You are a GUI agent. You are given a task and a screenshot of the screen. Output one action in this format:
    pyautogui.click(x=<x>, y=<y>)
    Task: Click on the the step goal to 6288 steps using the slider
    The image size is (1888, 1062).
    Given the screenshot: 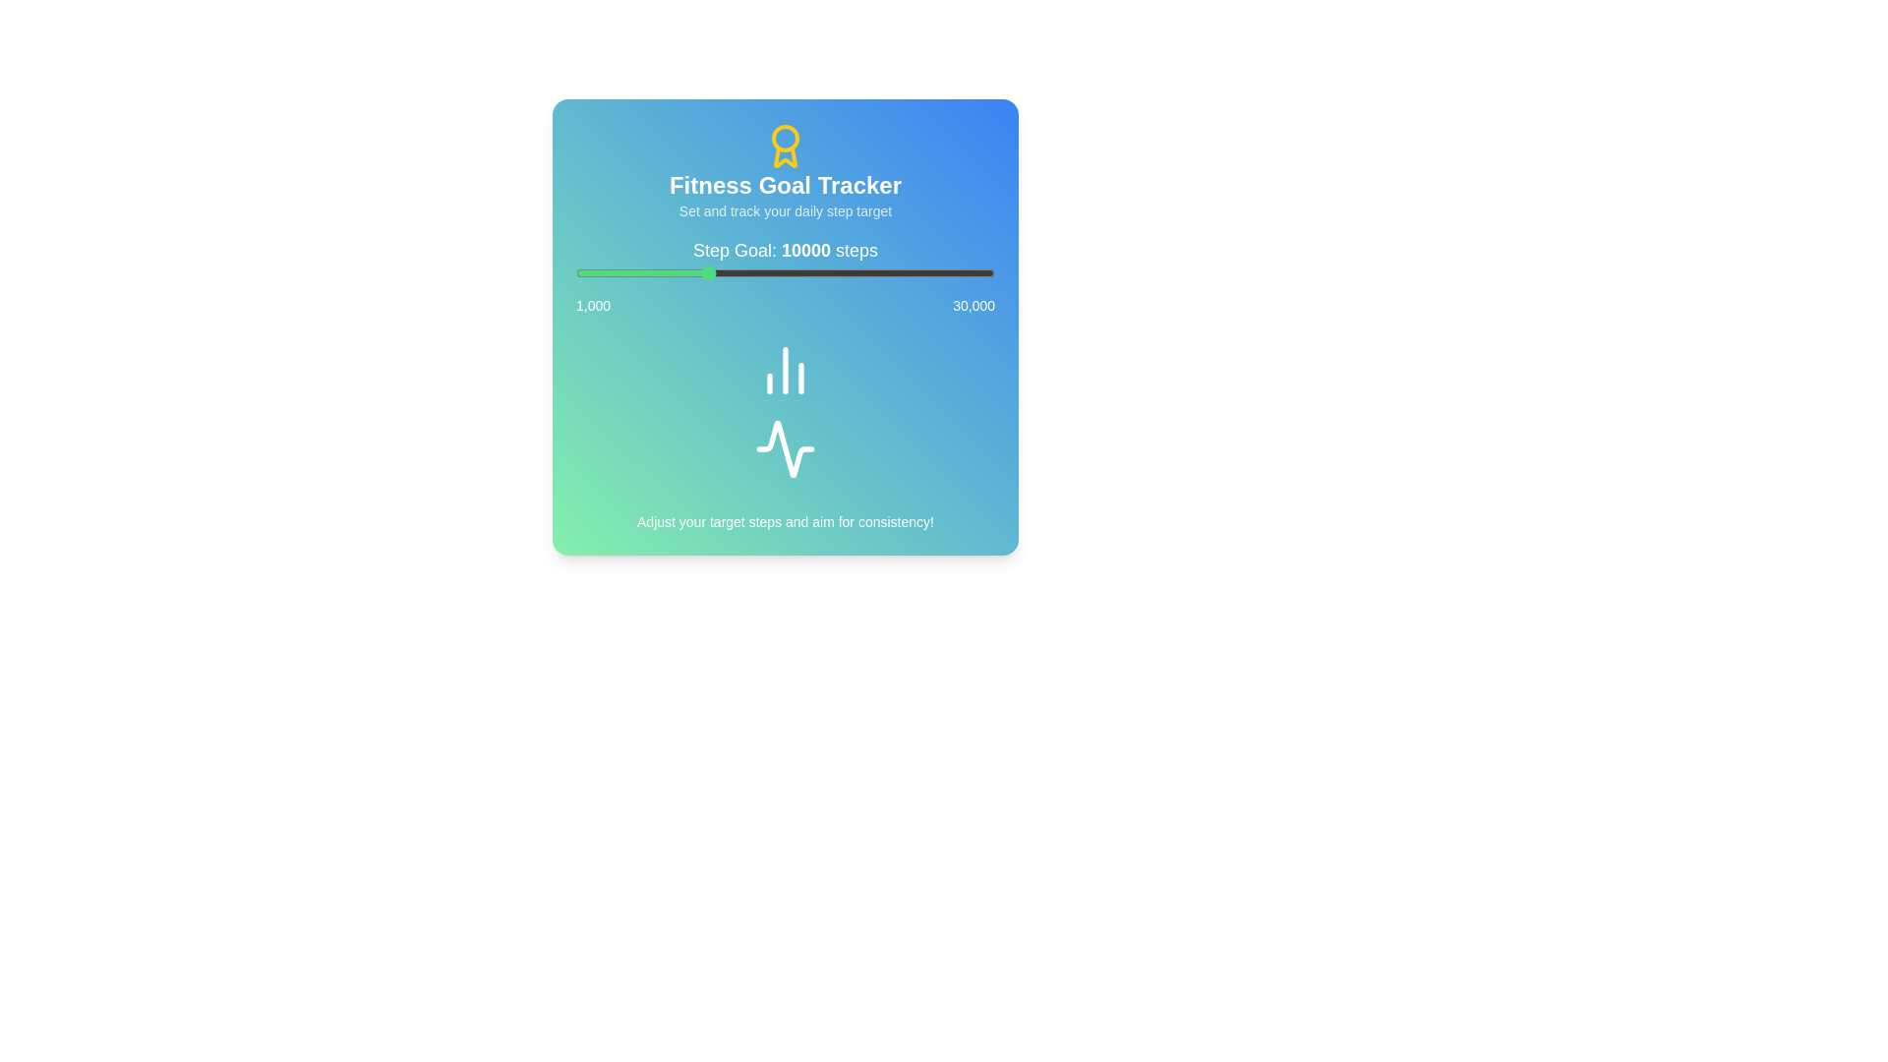 What is the action you would take?
    pyautogui.click(x=652, y=272)
    